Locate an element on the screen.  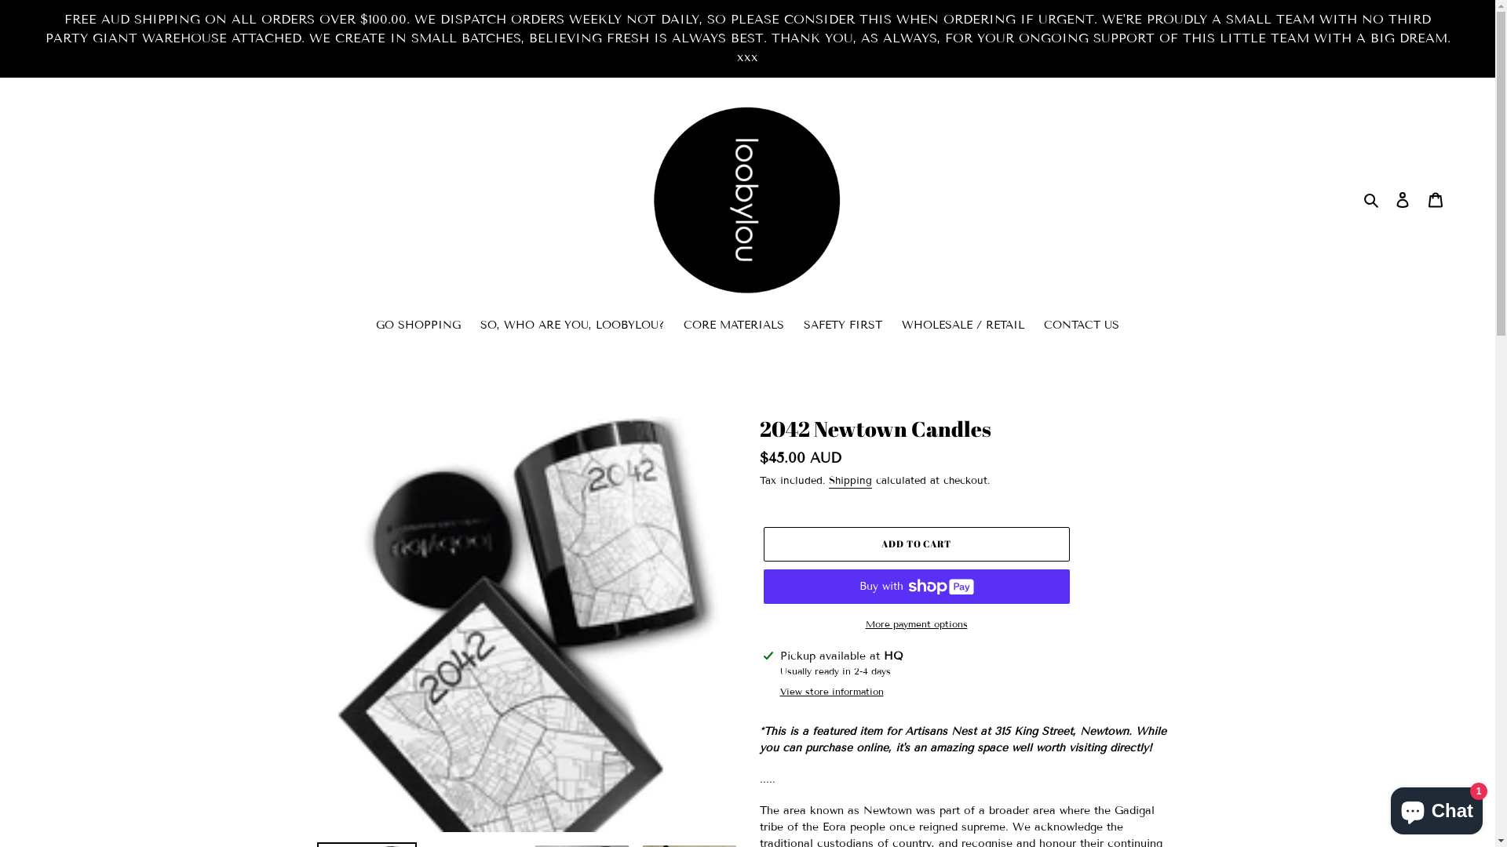
'More payment options' is located at coordinates (915, 623).